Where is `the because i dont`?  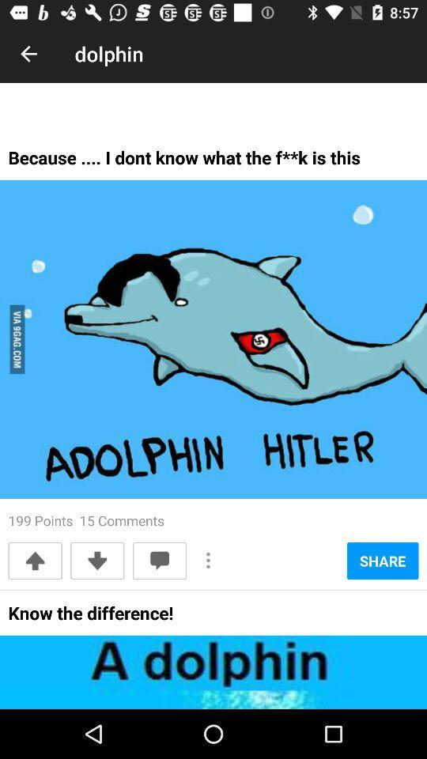
the because i dont is located at coordinates (183, 162).